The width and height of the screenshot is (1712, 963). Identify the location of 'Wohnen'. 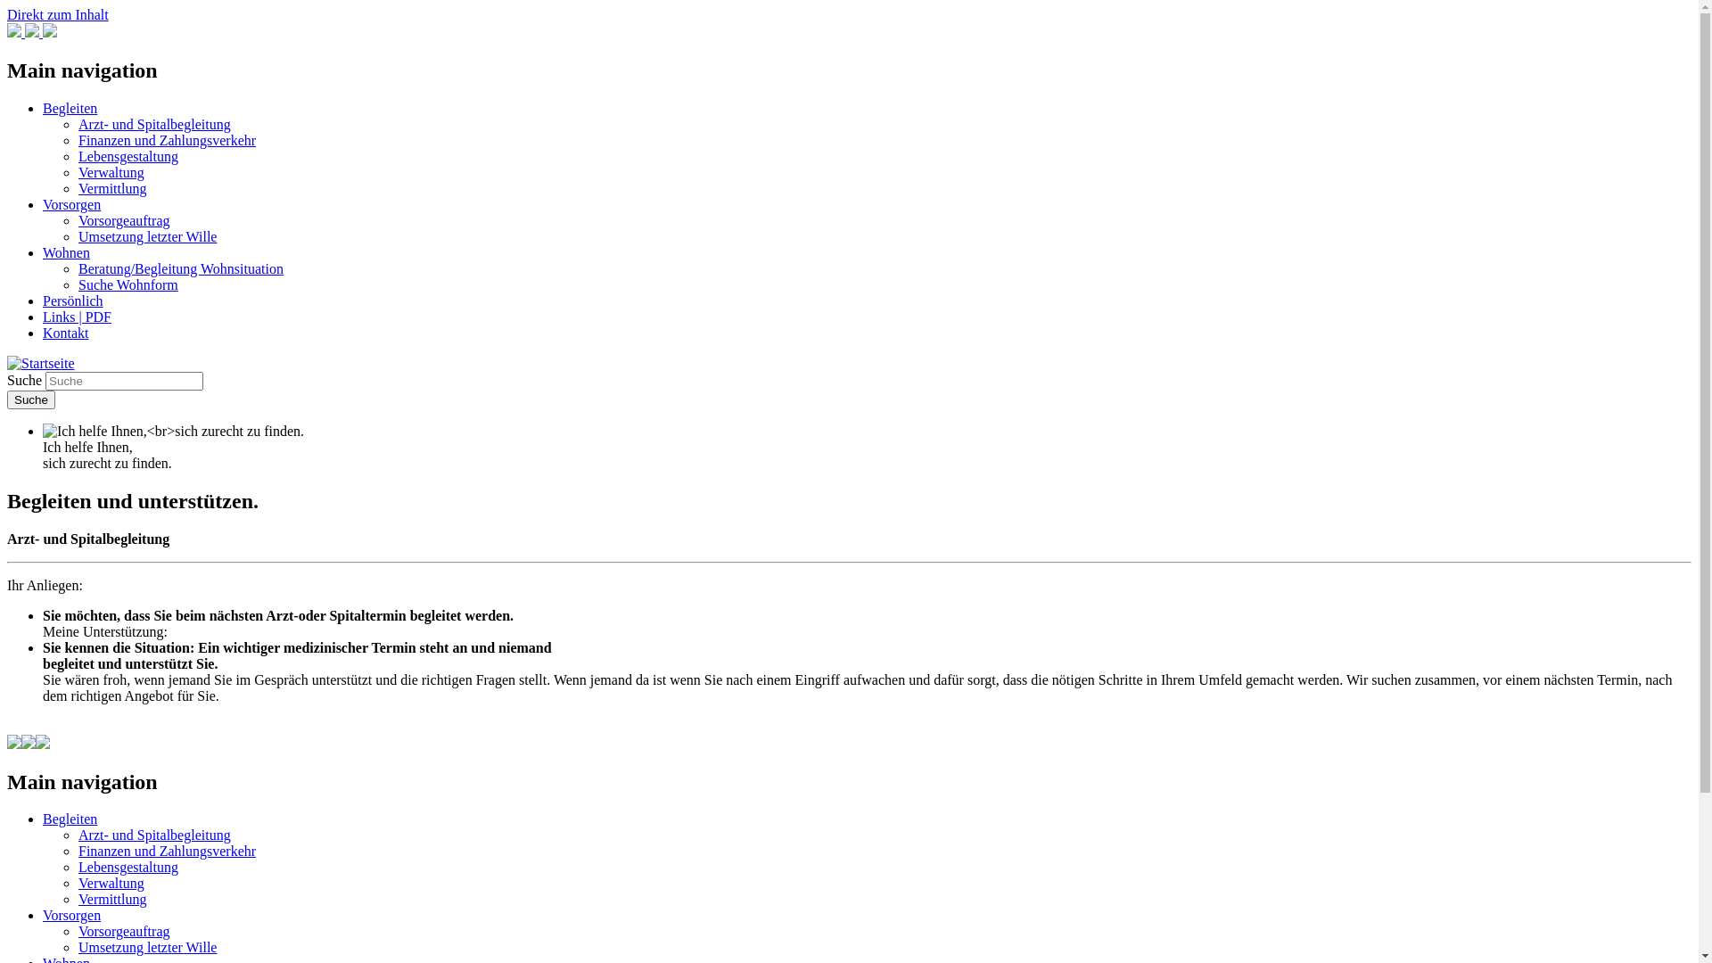
(43, 252).